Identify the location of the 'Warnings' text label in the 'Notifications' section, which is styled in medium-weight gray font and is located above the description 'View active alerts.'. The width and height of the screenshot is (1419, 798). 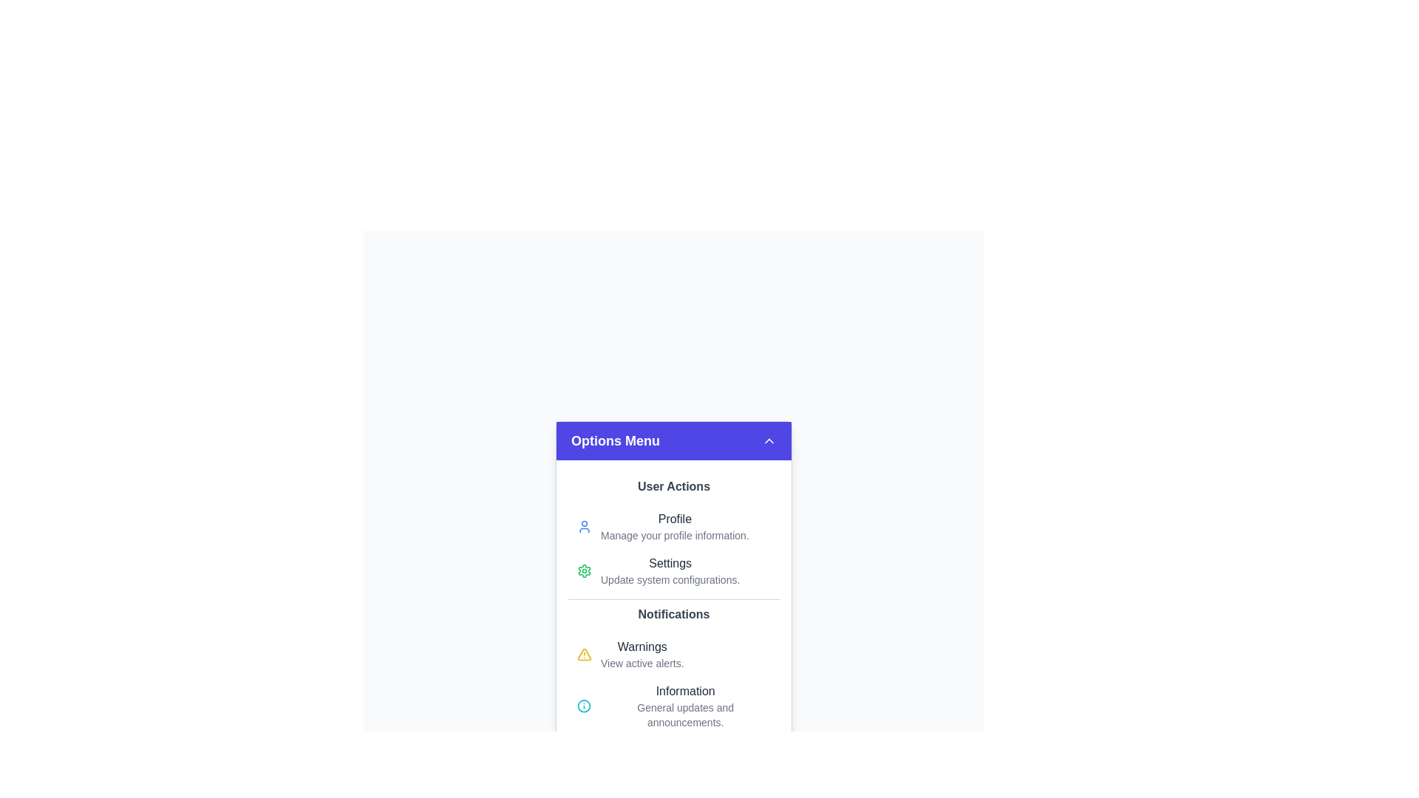
(642, 646).